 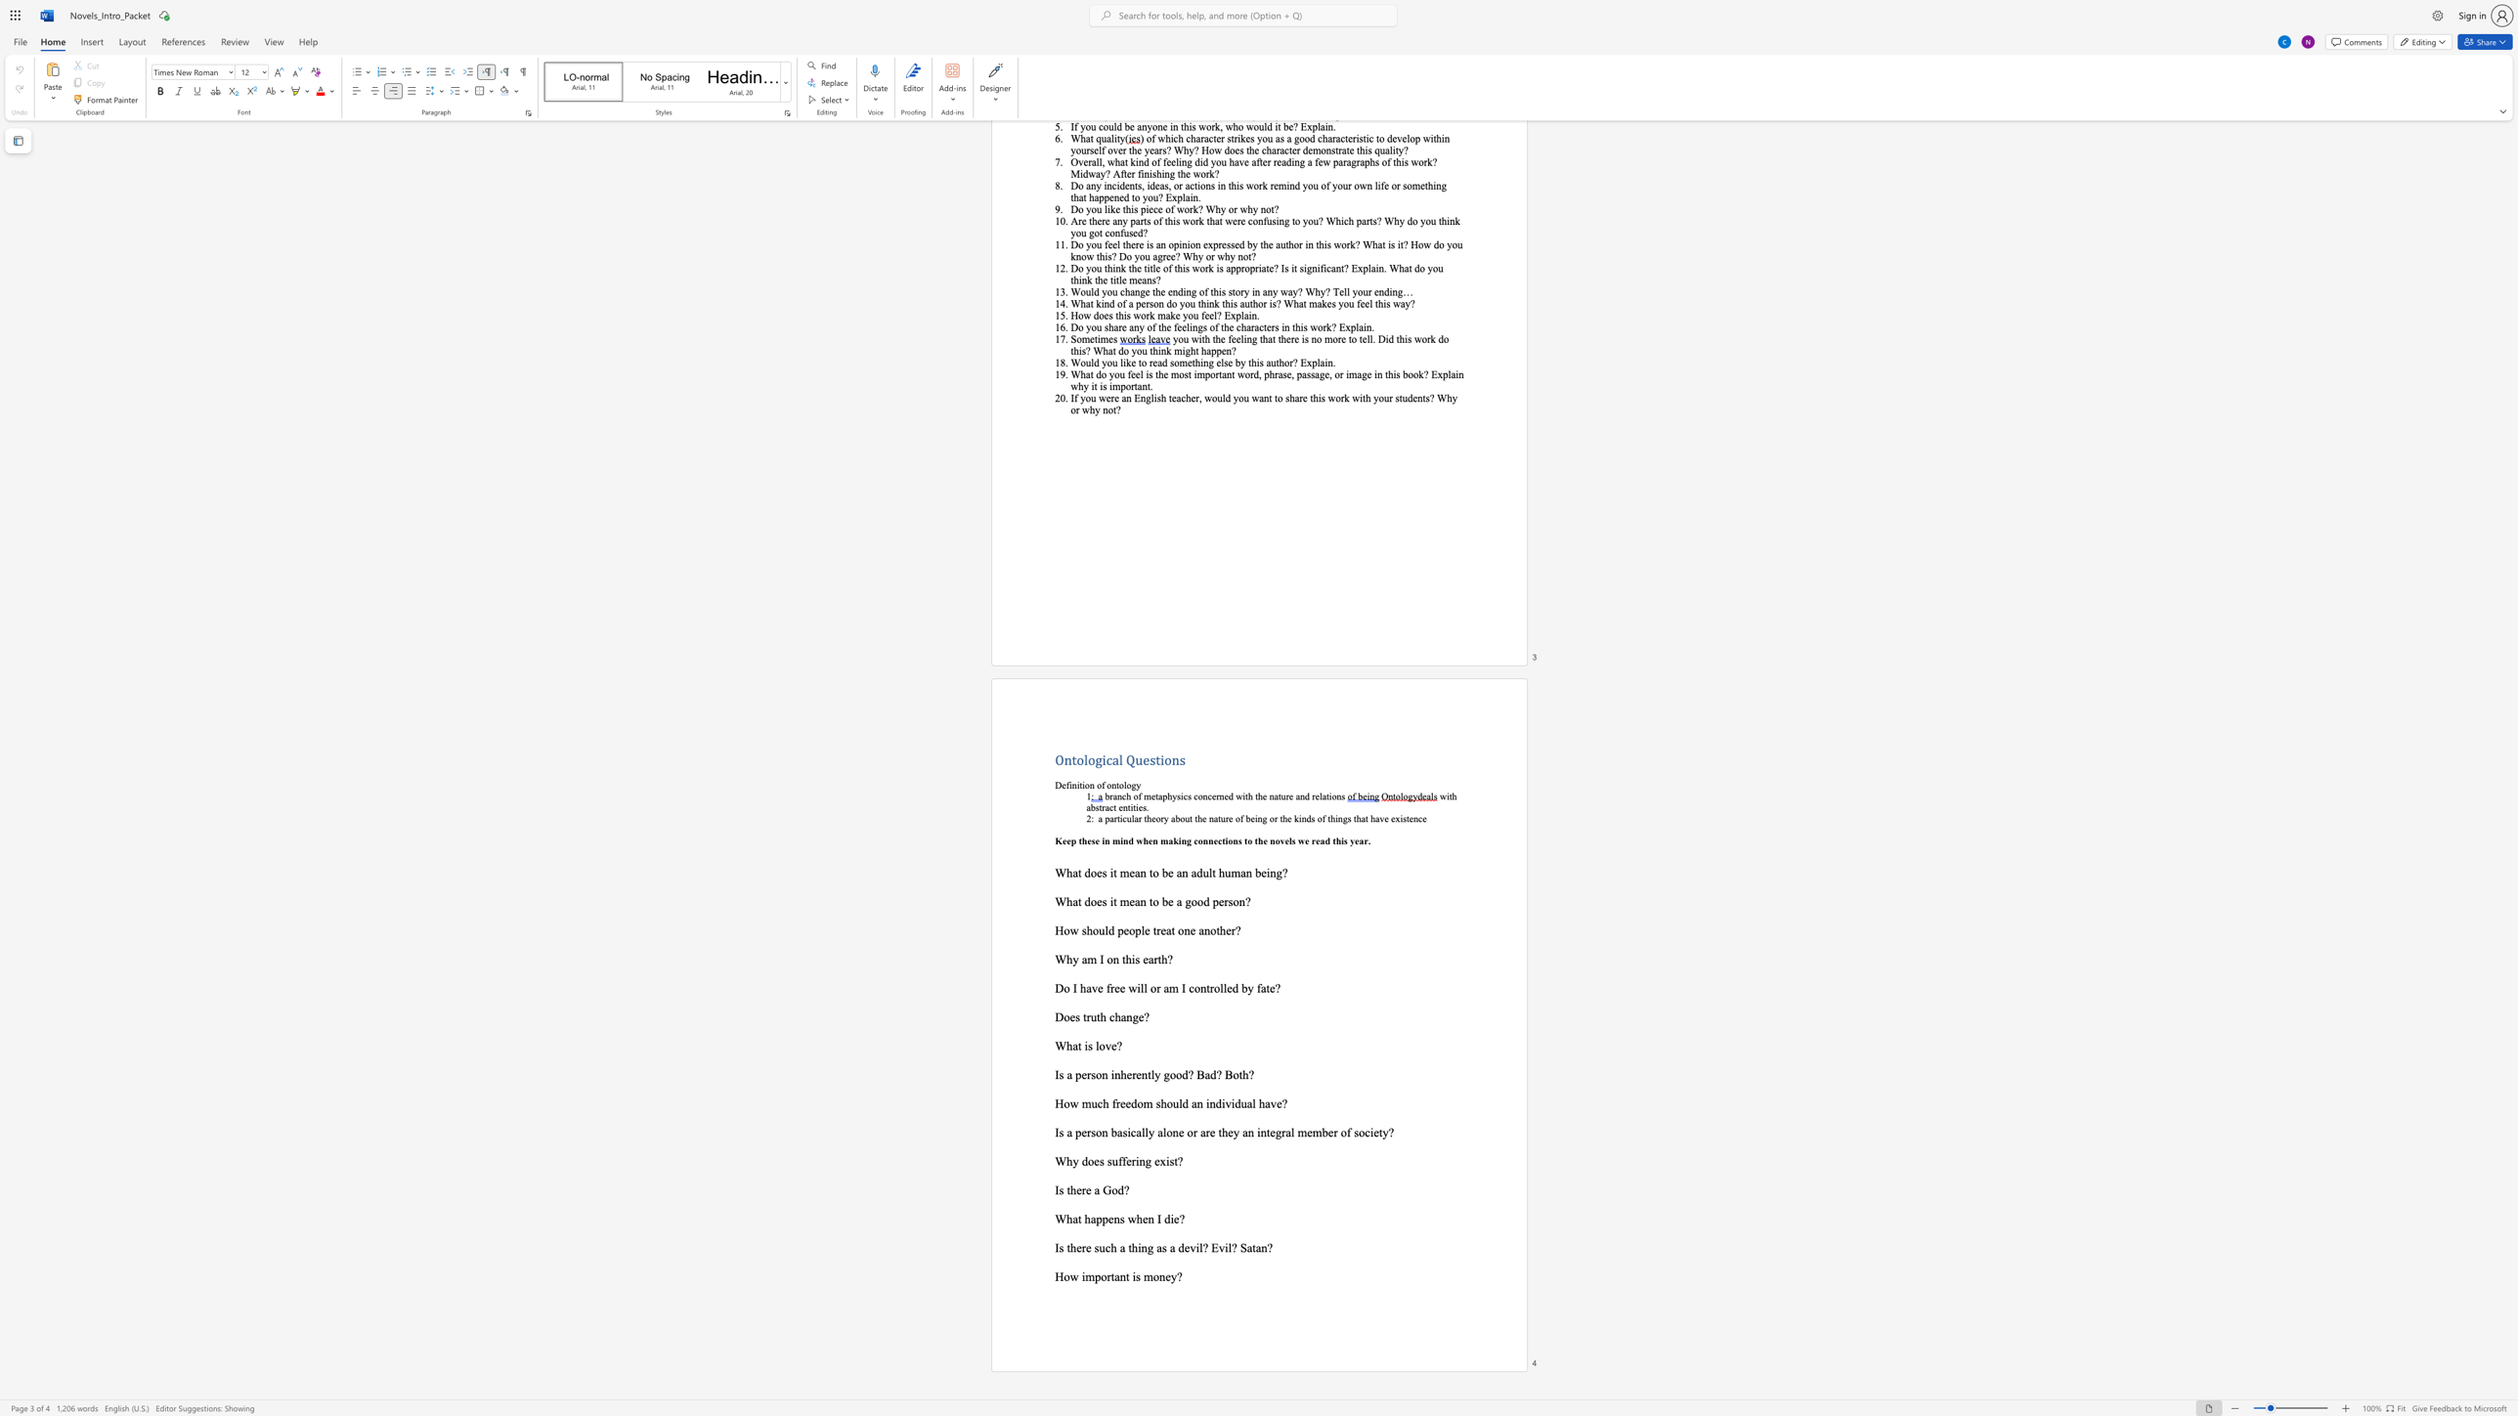 I want to click on the subset text "physics concerne" within the text "branch of metaphysics concerned with the nature and relations", so click(x=1161, y=795).